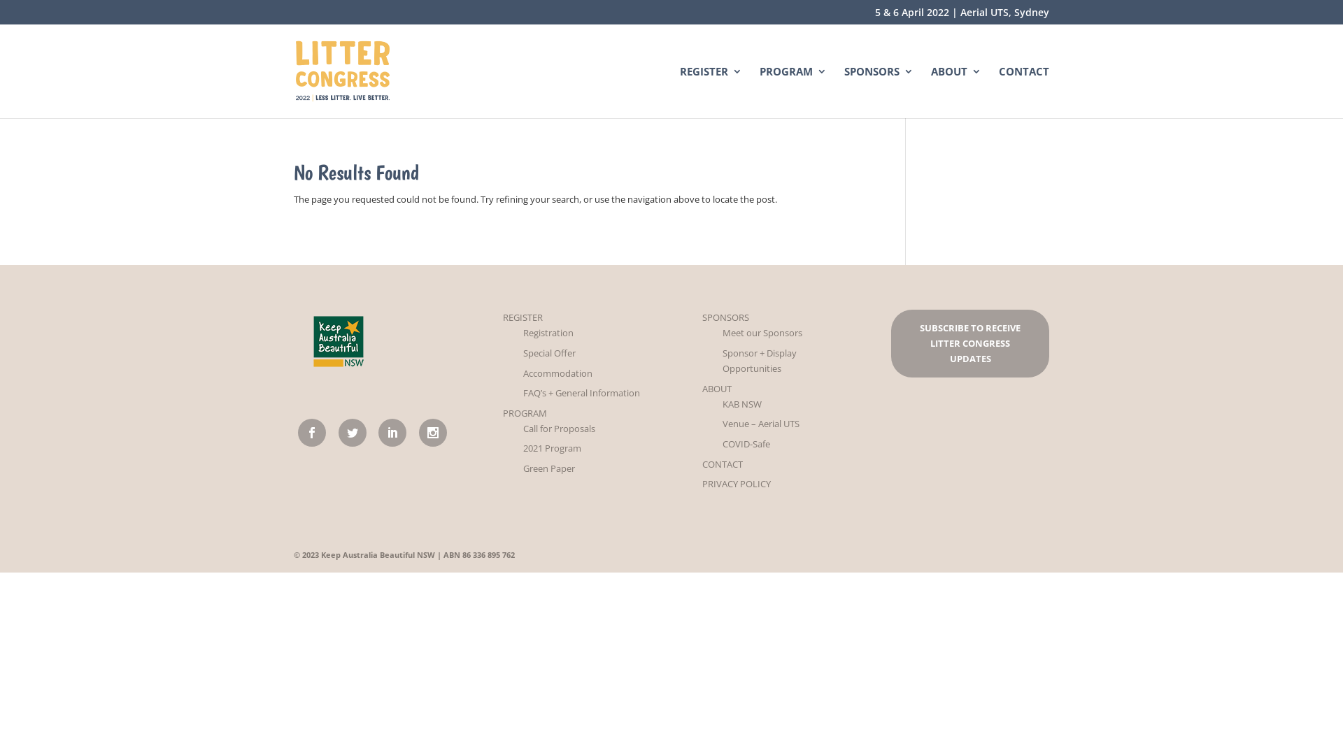  I want to click on 'PROGRAM', so click(793, 92).